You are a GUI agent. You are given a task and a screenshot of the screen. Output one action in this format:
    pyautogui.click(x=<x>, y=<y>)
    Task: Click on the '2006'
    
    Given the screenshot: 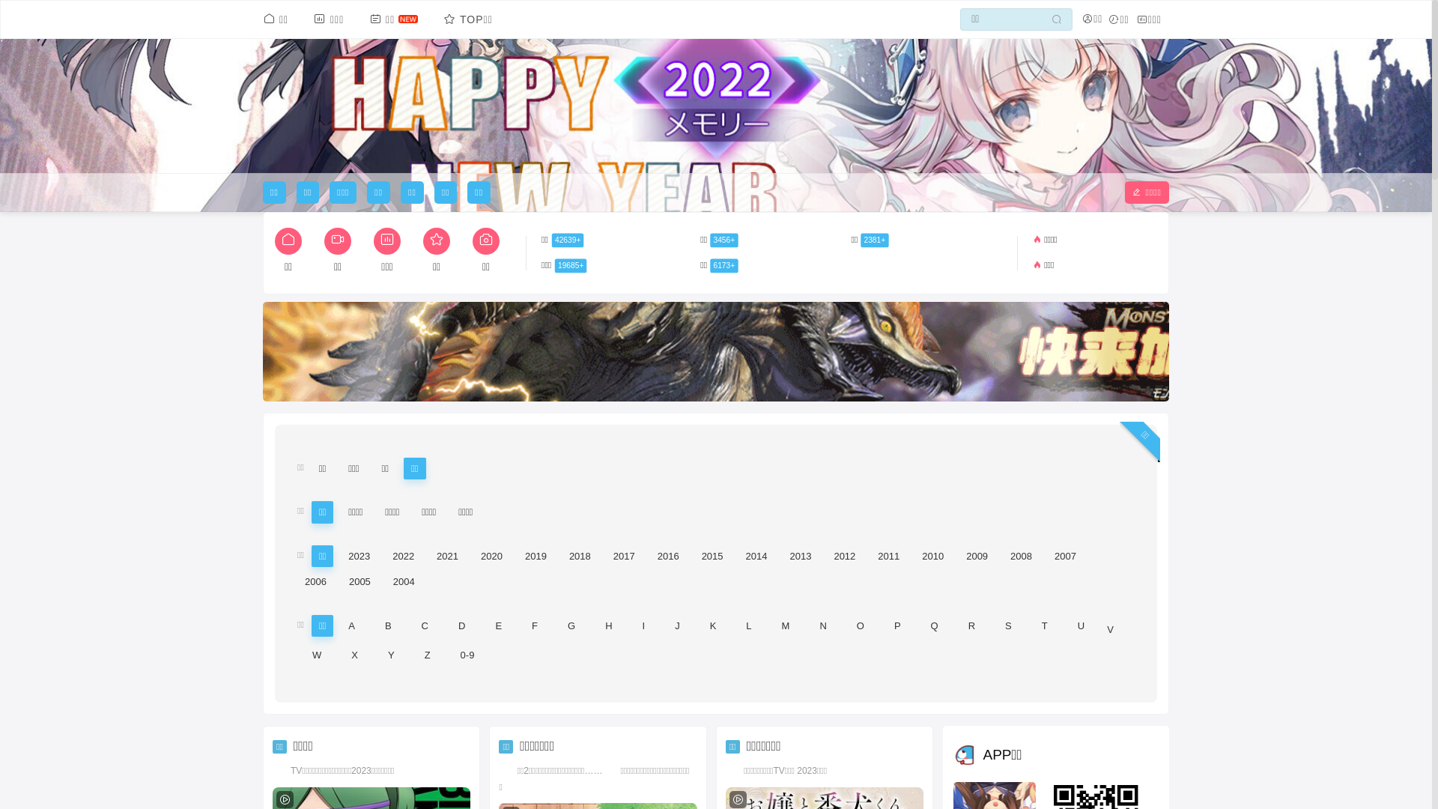 What is the action you would take?
    pyautogui.click(x=315, y=581)
    